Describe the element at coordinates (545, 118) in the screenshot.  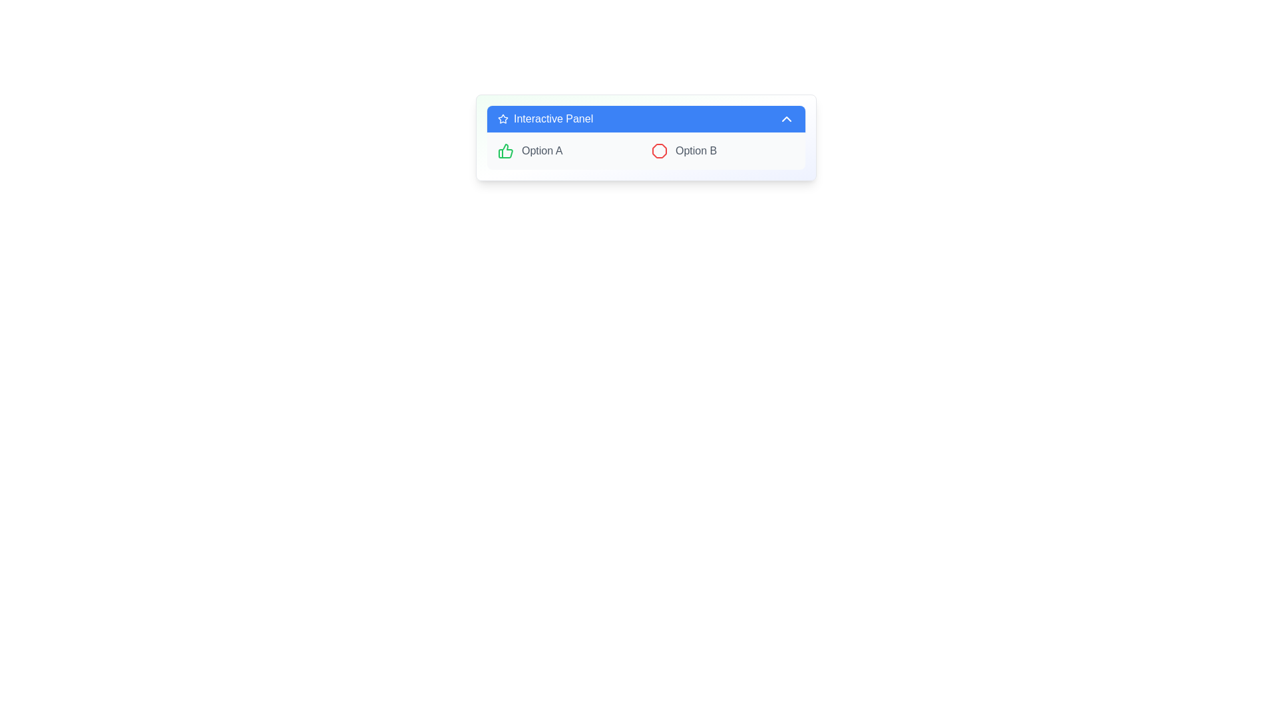
I see `on the header element labeled 'Interactive Panel' with a star icon on the left, located in the blue rectangular area at the top of the section` at that location.